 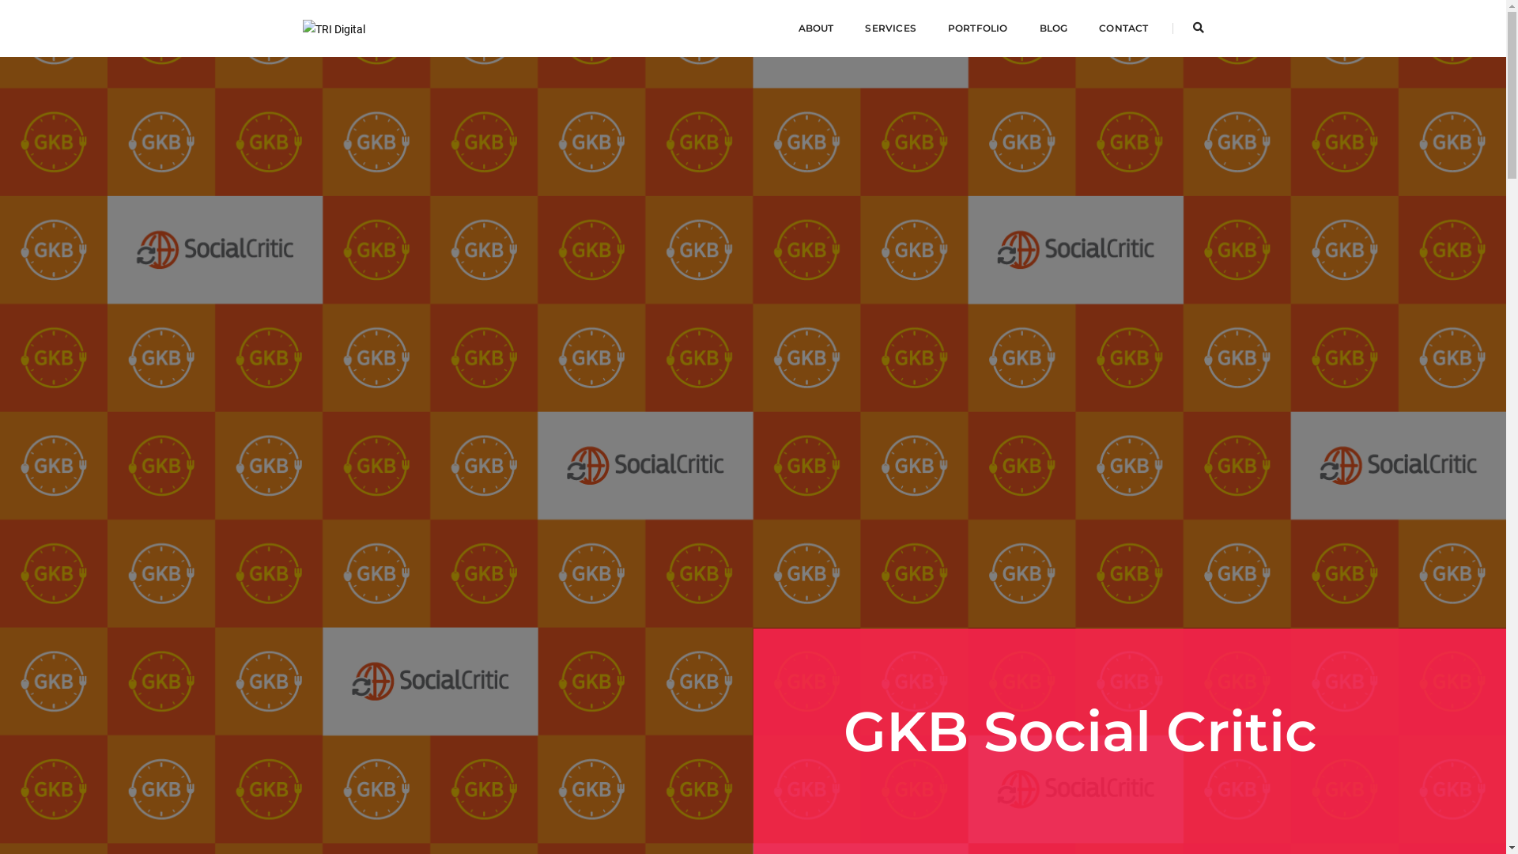 I want to click on 'CONTACT', so click(x=1122, y=28).